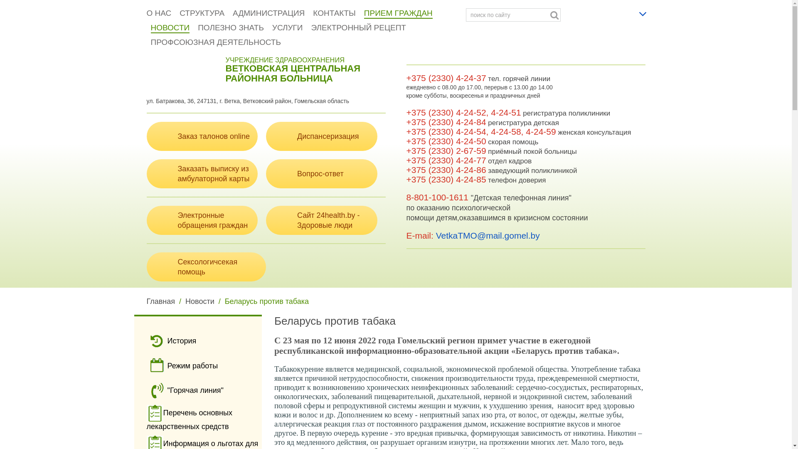 The image size is (798, 449). Describe the element at coordinates (630, 11) in the screenshot. I see `'Russian'` at that location.